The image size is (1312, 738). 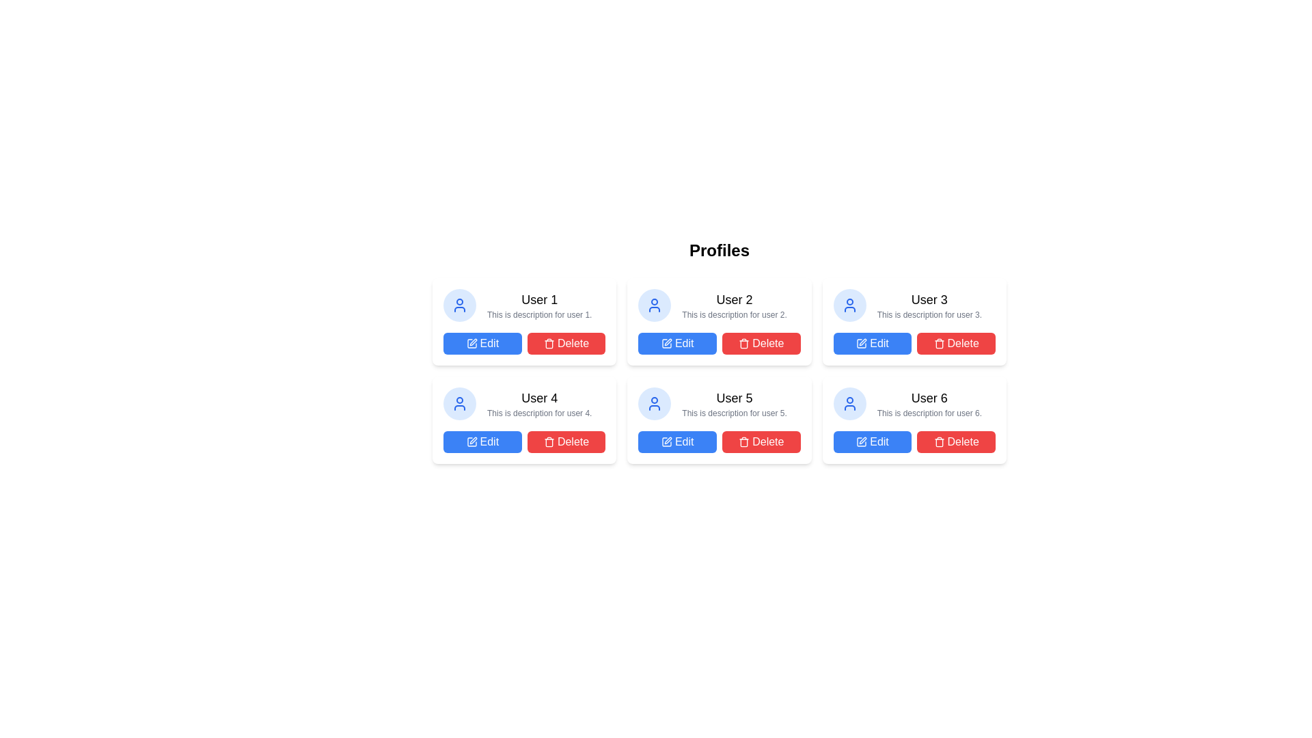 I want to click on the circular user profile icon with a light blue background and white outline, so click(x=654, y=402).